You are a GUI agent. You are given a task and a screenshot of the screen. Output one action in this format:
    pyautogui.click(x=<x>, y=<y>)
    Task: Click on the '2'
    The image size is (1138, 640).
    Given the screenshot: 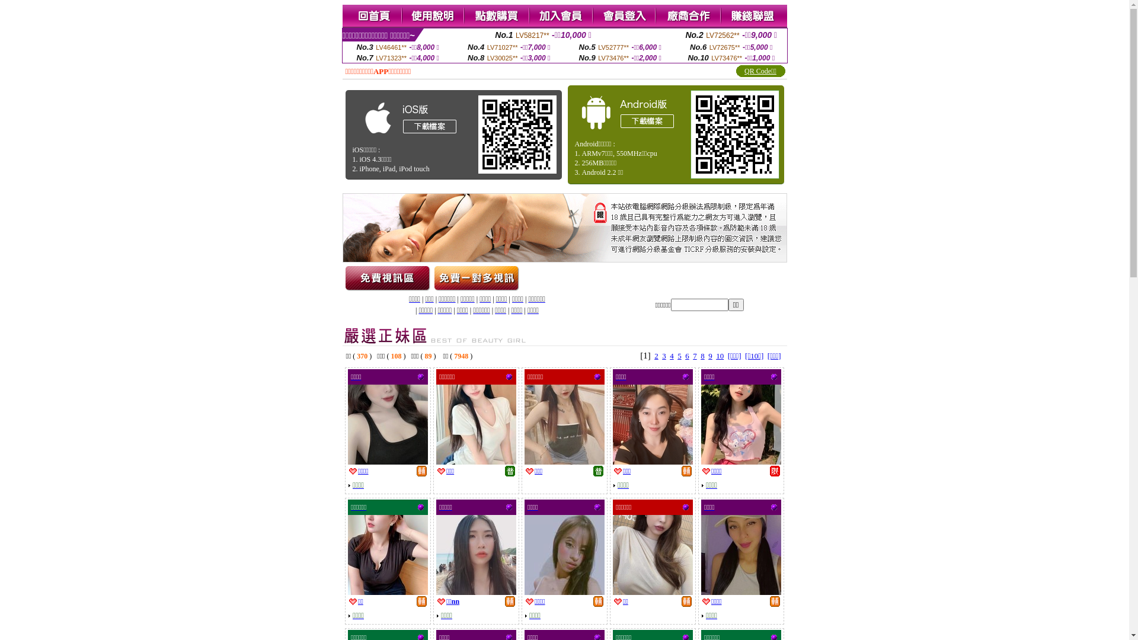 What is the action you would take?
    pyautogui.click(x=656, y=355)
    